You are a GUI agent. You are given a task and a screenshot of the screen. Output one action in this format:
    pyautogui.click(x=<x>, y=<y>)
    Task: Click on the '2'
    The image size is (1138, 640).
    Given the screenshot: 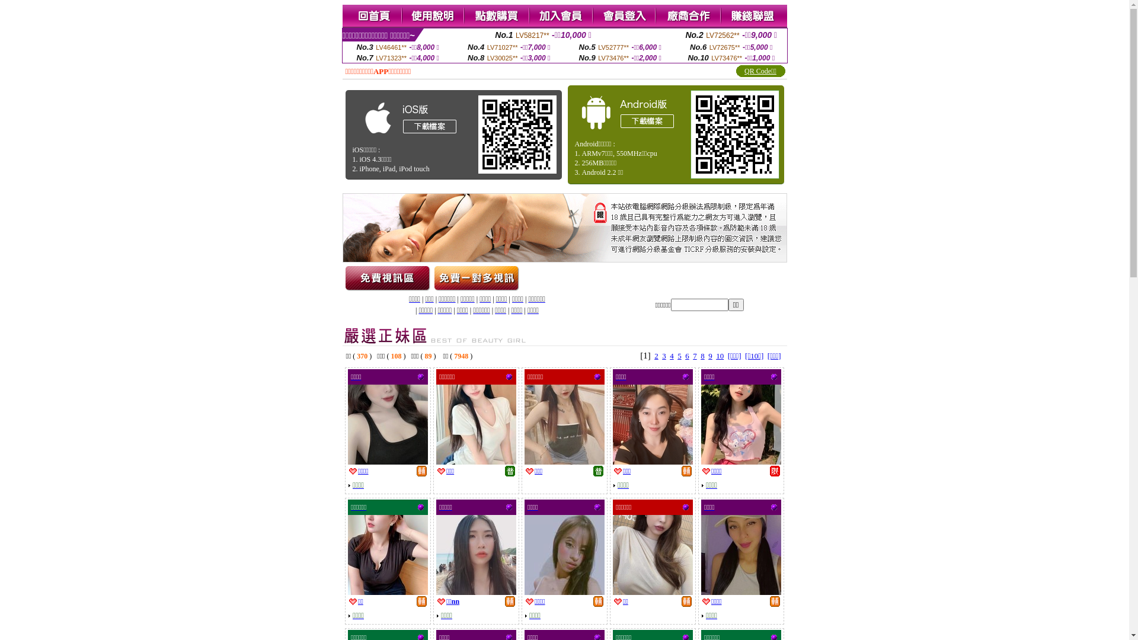 What is the action you would take?
    pyautogui.click(x=656, y=355)
    